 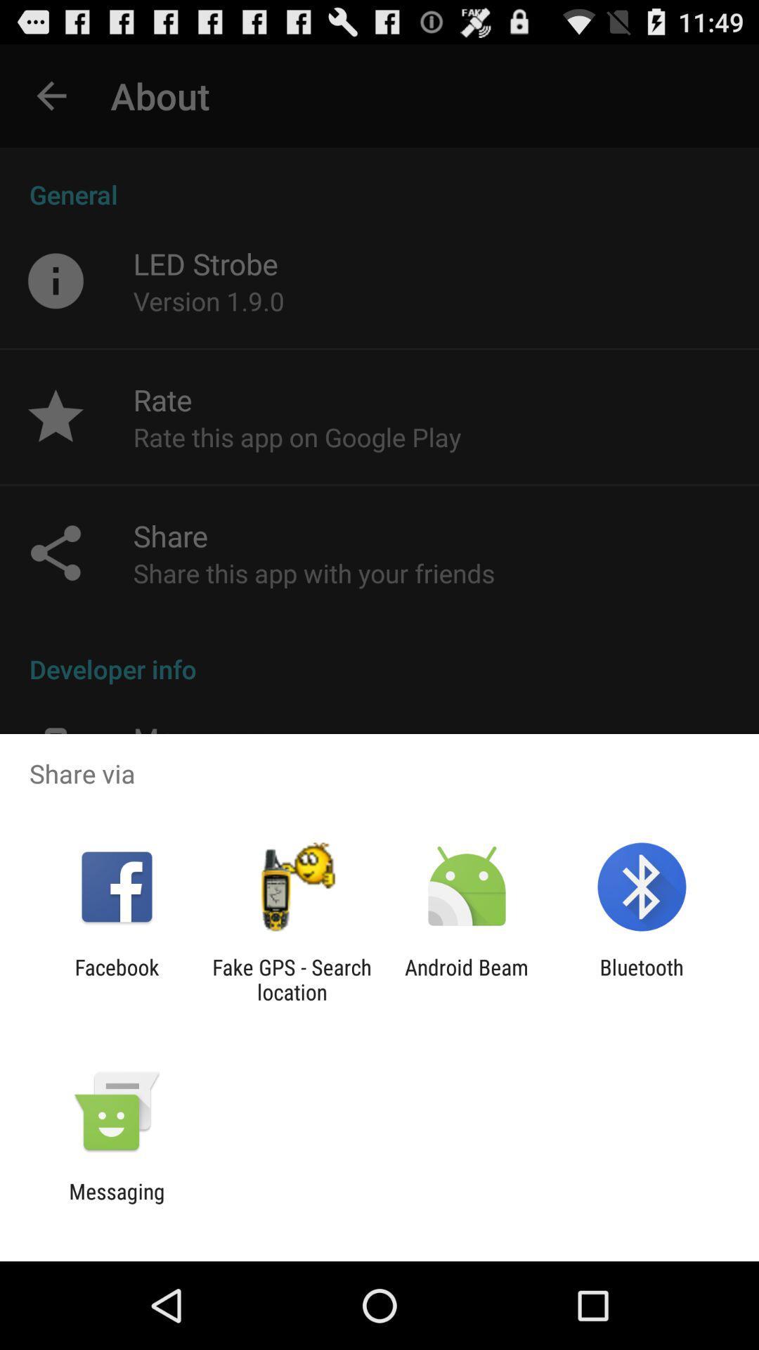 What do you see at coordinates (116, 979) in the screenshot?
I see `app to the left of fake gps search icon` at bounding box center [116, 979].